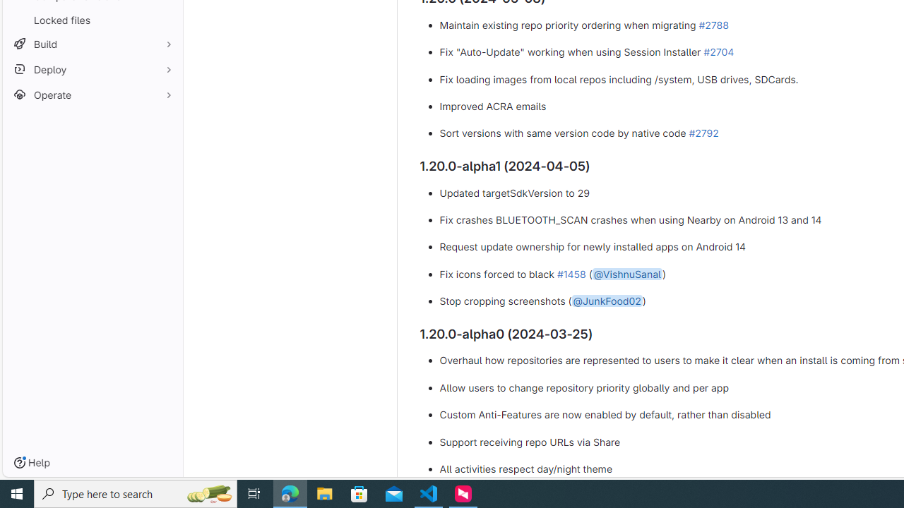 This screenshot has height=508, width=904. Describe the element at coordinates (359, 492) in the screenshot. I see `'Microsoft Store'` at that location.